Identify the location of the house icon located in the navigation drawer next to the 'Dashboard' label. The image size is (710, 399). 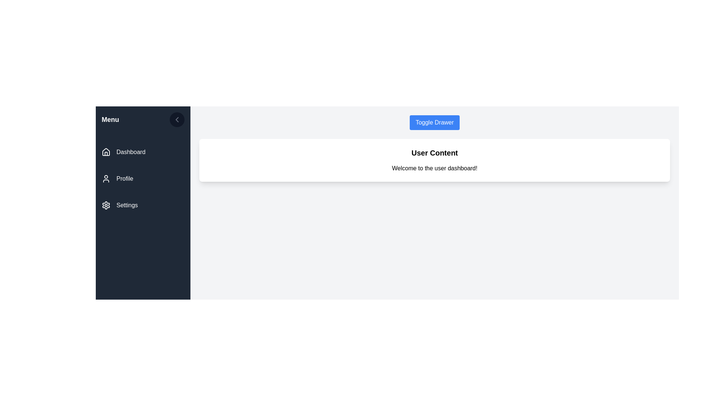
(106, 151).